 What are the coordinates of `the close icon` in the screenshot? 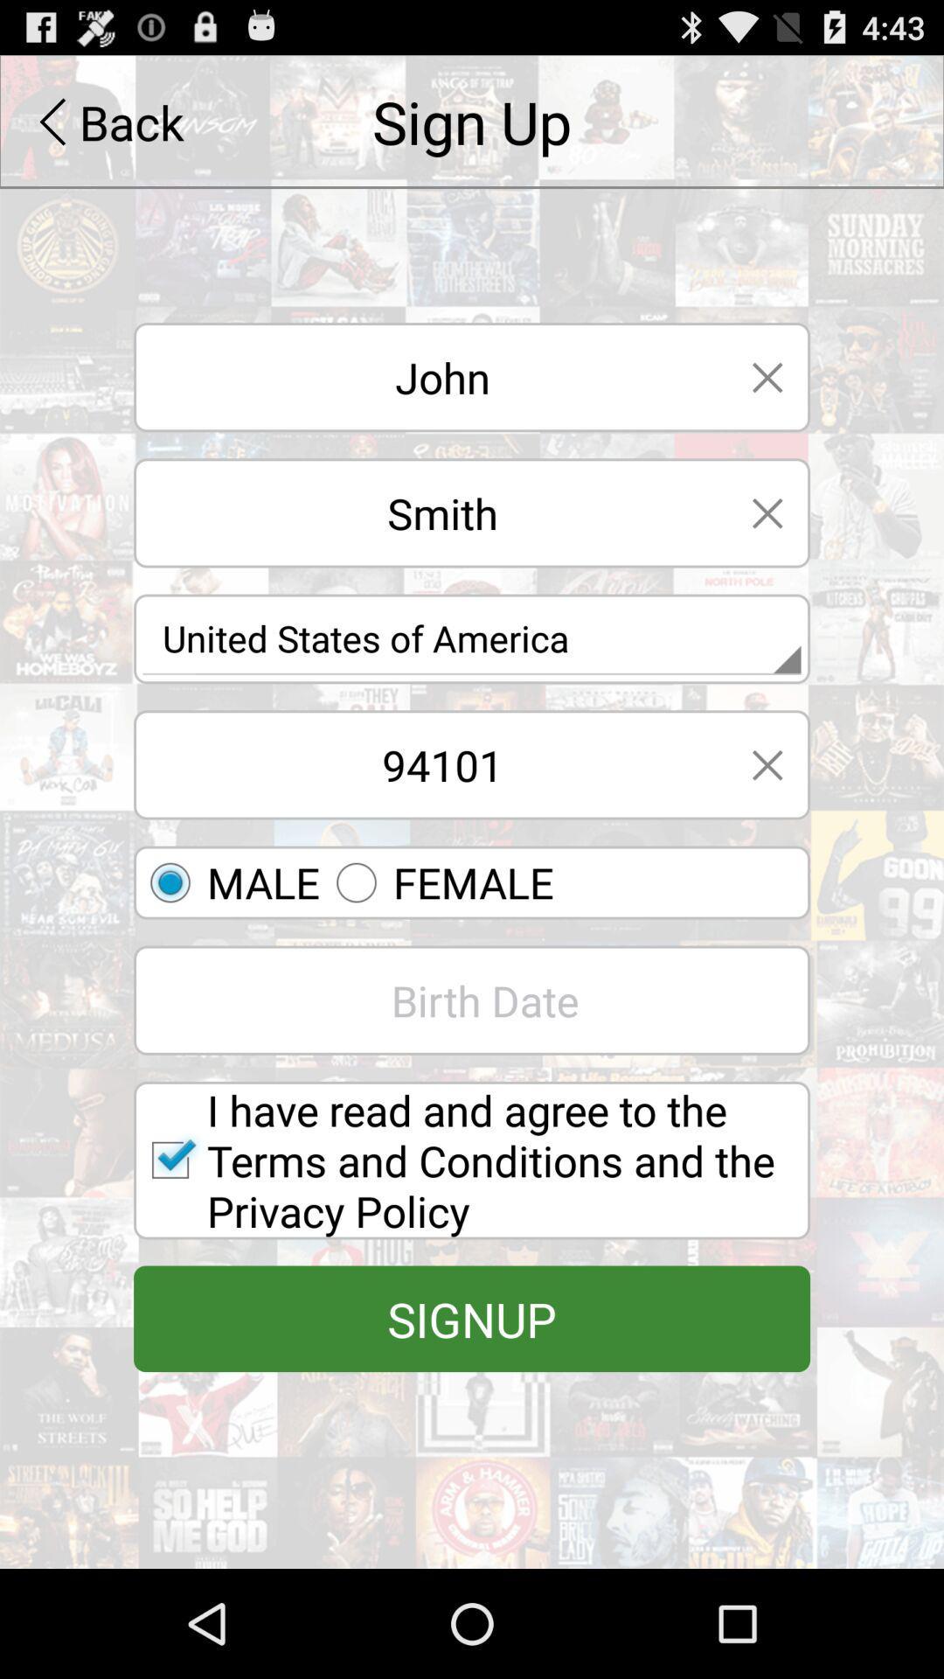 It's located at (767, 548).